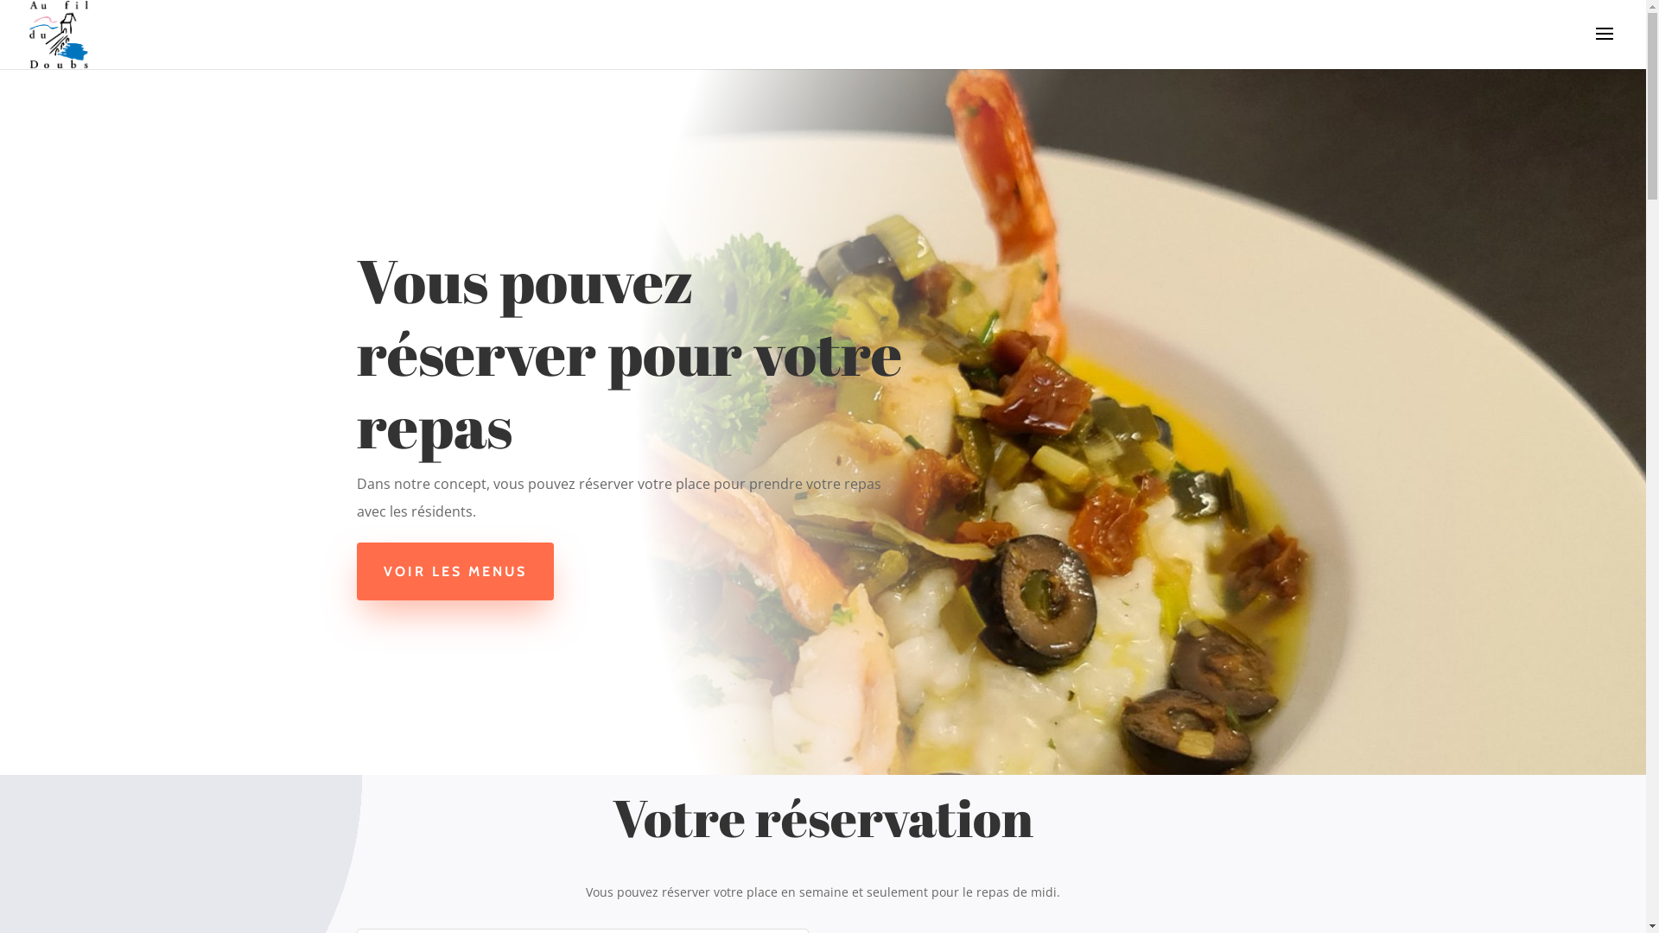 This screenshot has width=1659, height=933. Describe the element at coordinates (355, 571) in the screenshot. I see `'VOIR LES MENUS'` at that location.